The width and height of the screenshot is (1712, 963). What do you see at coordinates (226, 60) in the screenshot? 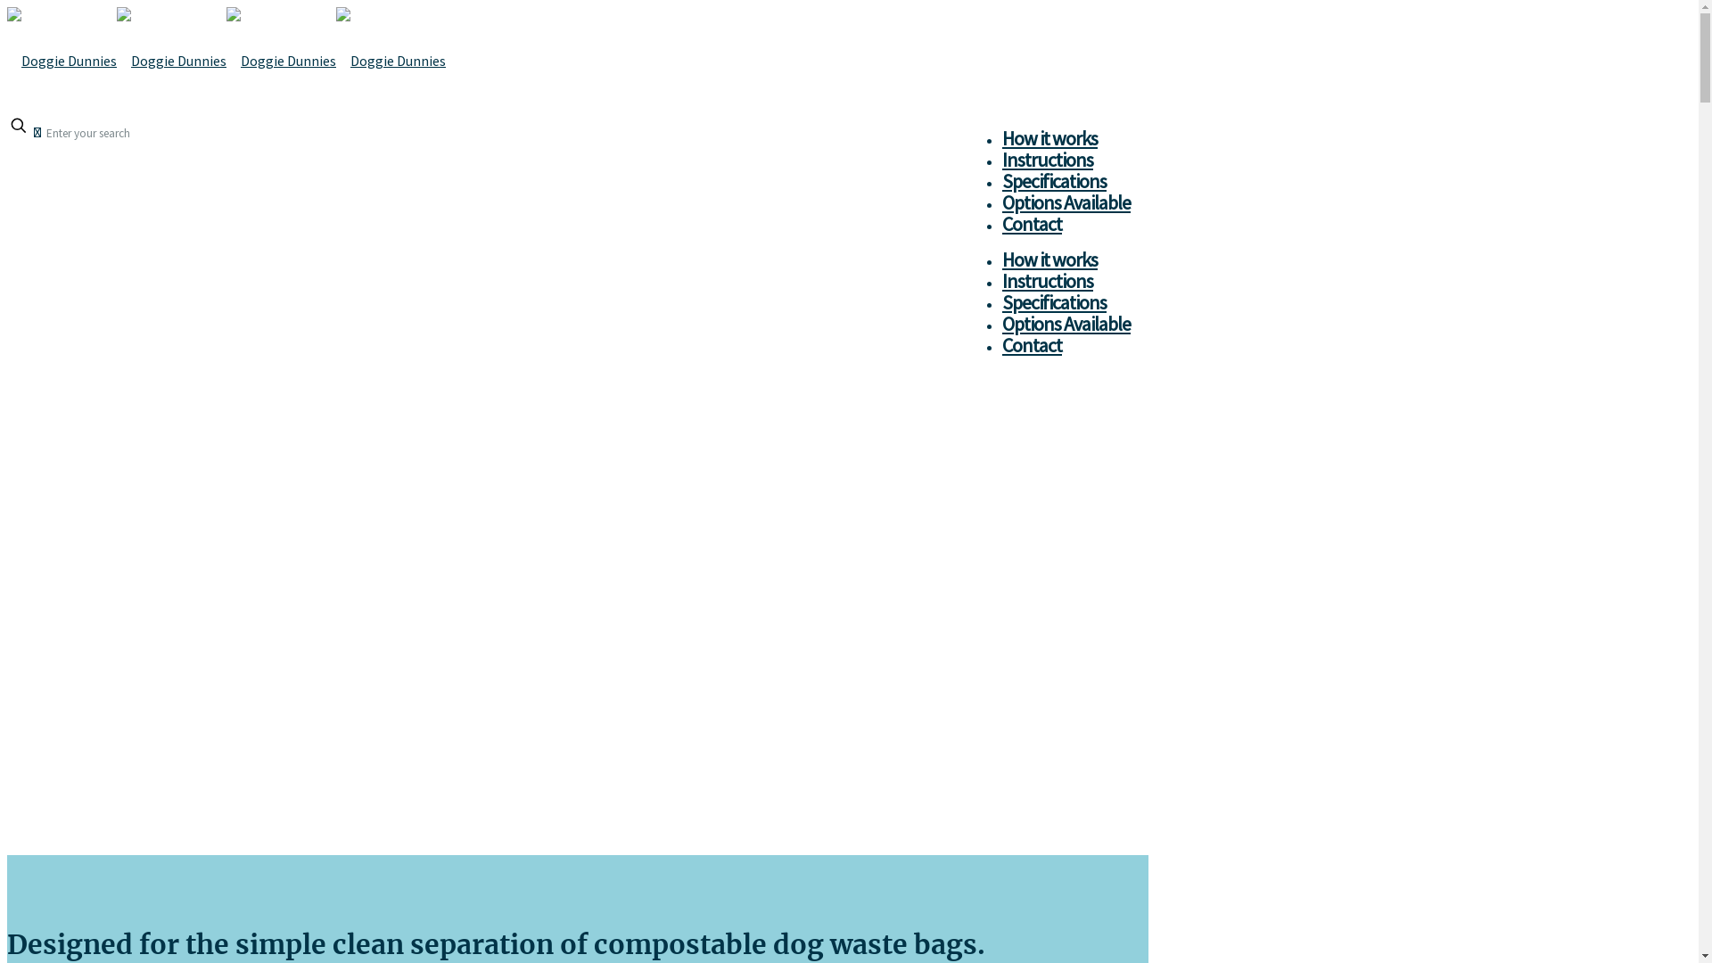
I see `'Doggie Dunnies'` at bounding box center [226, 60].